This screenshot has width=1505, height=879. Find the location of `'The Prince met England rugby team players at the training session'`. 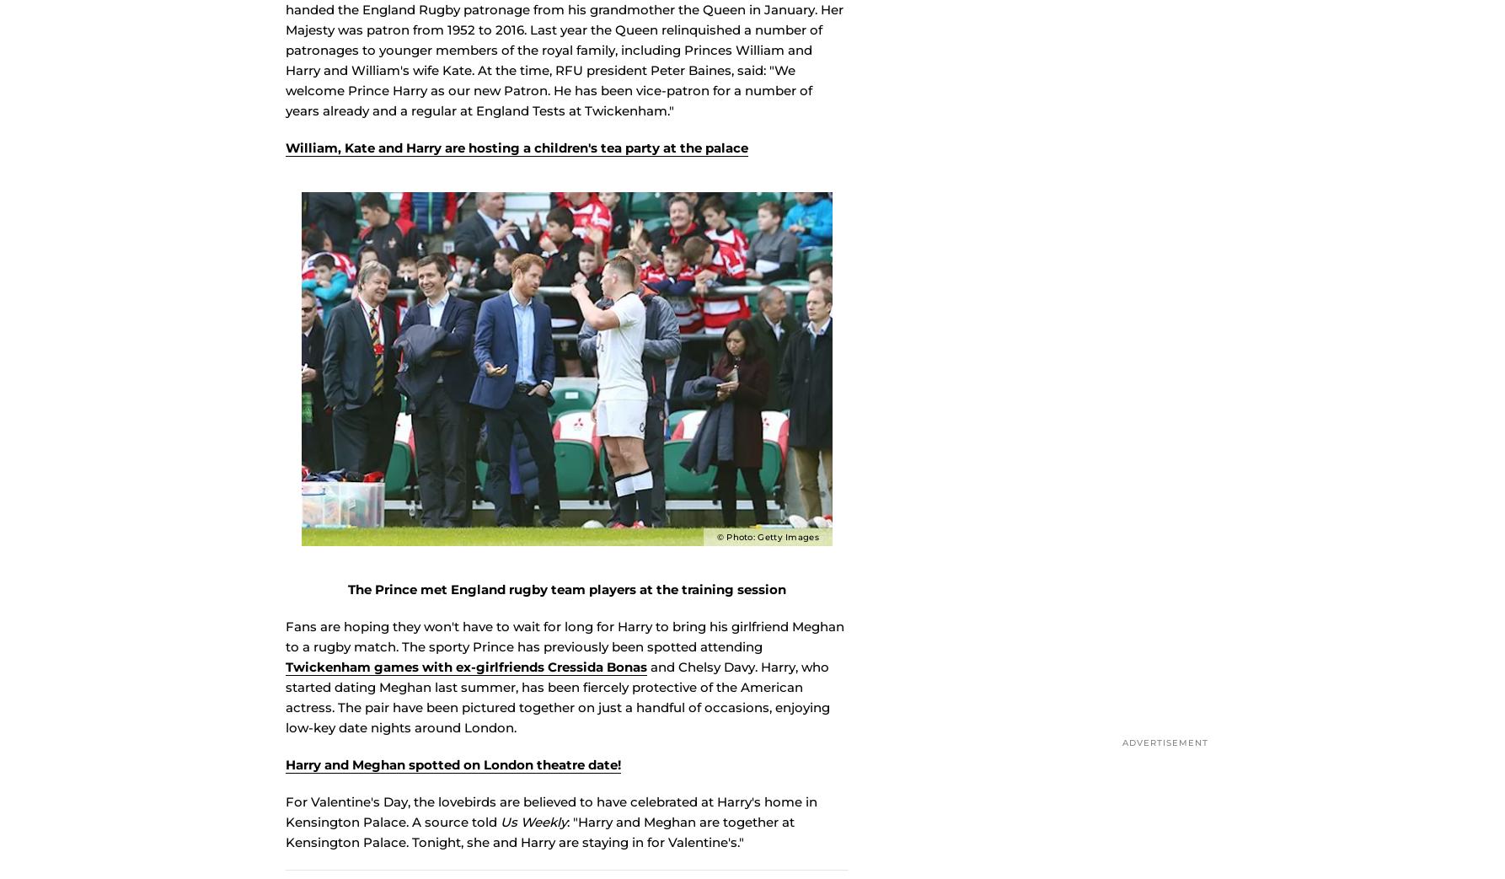

'The Prince met England rugby team players at the training session' is located at coordinates (566, 614).